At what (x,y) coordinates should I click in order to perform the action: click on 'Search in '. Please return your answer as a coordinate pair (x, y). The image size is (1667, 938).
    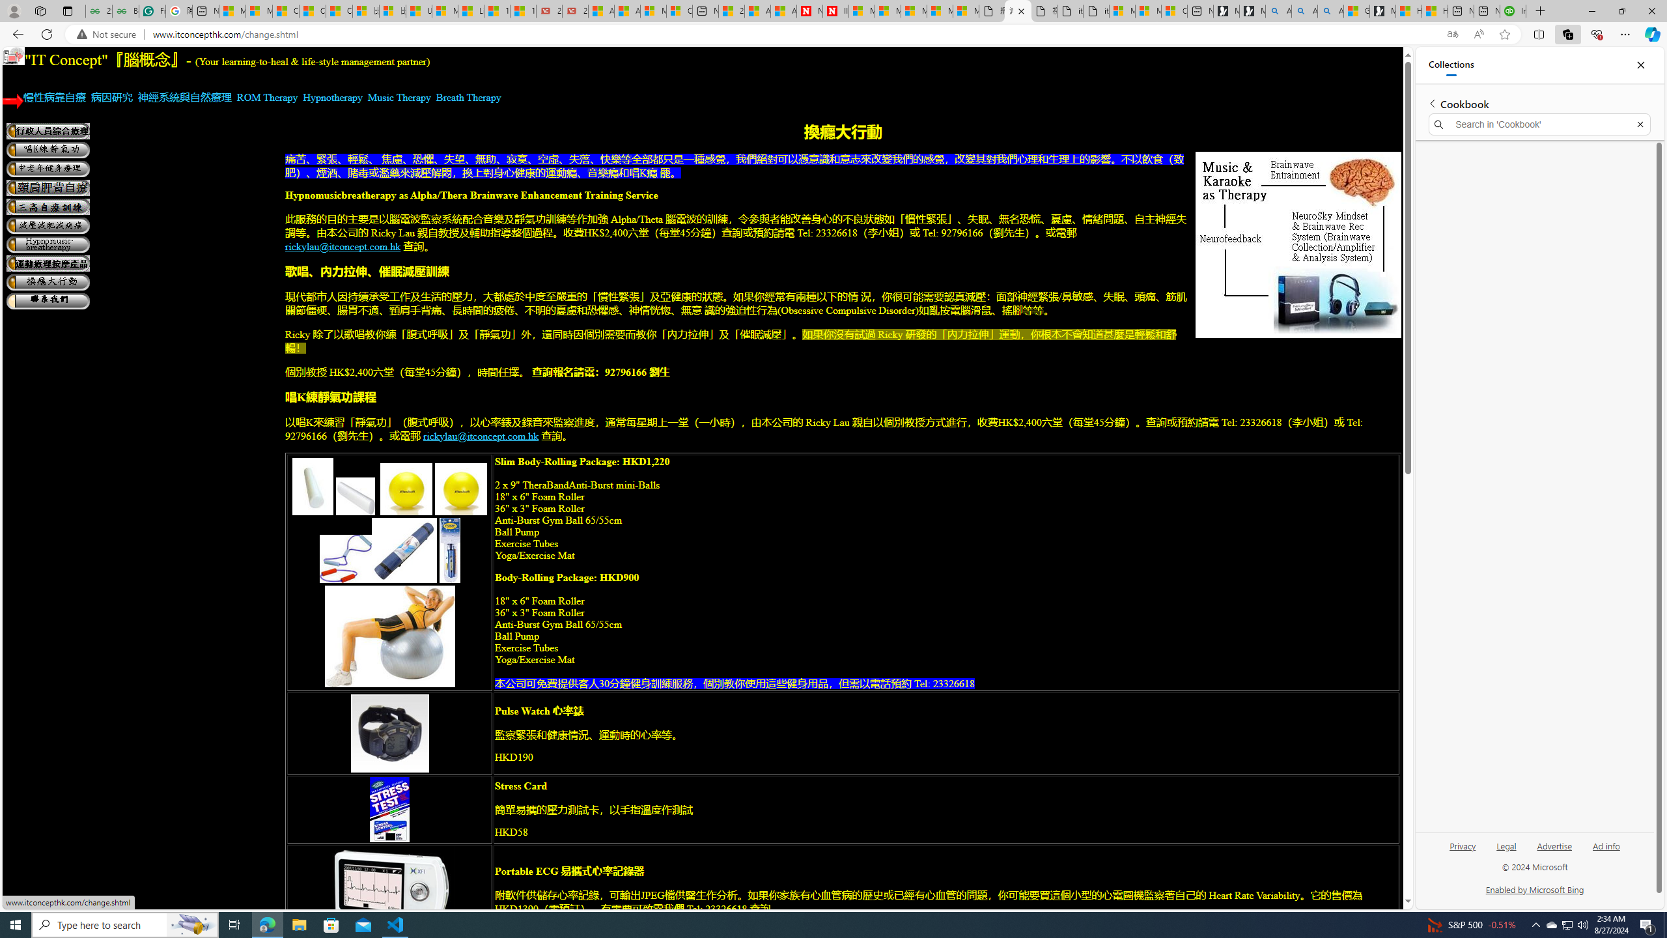
    Looking at the image, I should click on (1539, 124).